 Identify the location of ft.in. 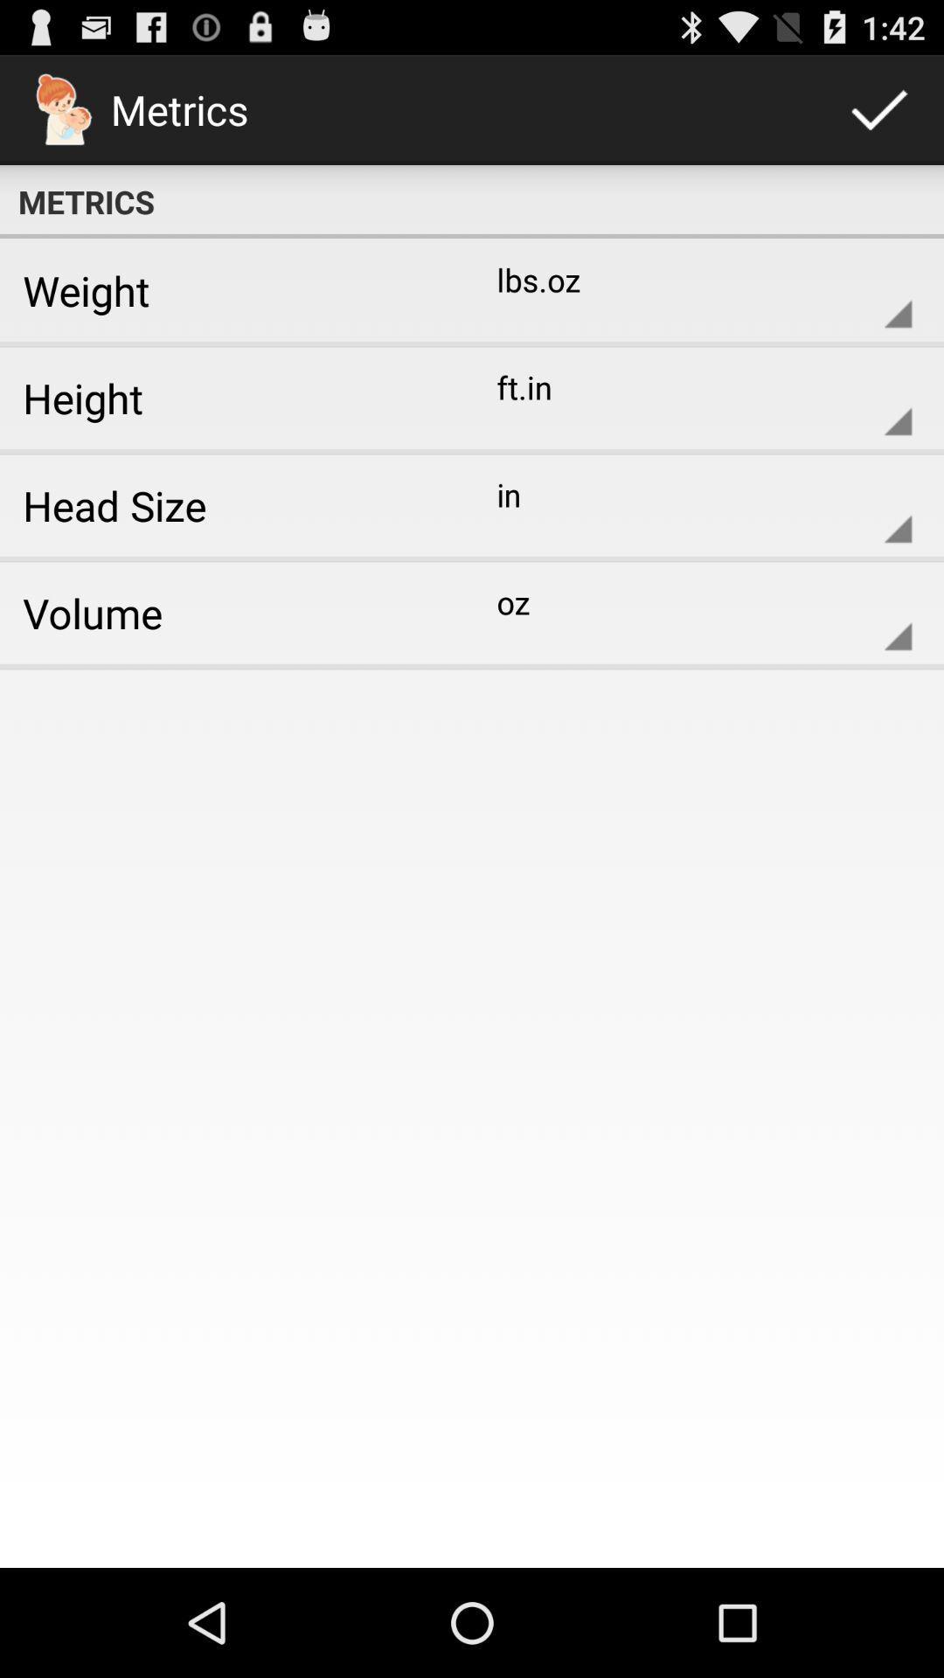
(690, 397).